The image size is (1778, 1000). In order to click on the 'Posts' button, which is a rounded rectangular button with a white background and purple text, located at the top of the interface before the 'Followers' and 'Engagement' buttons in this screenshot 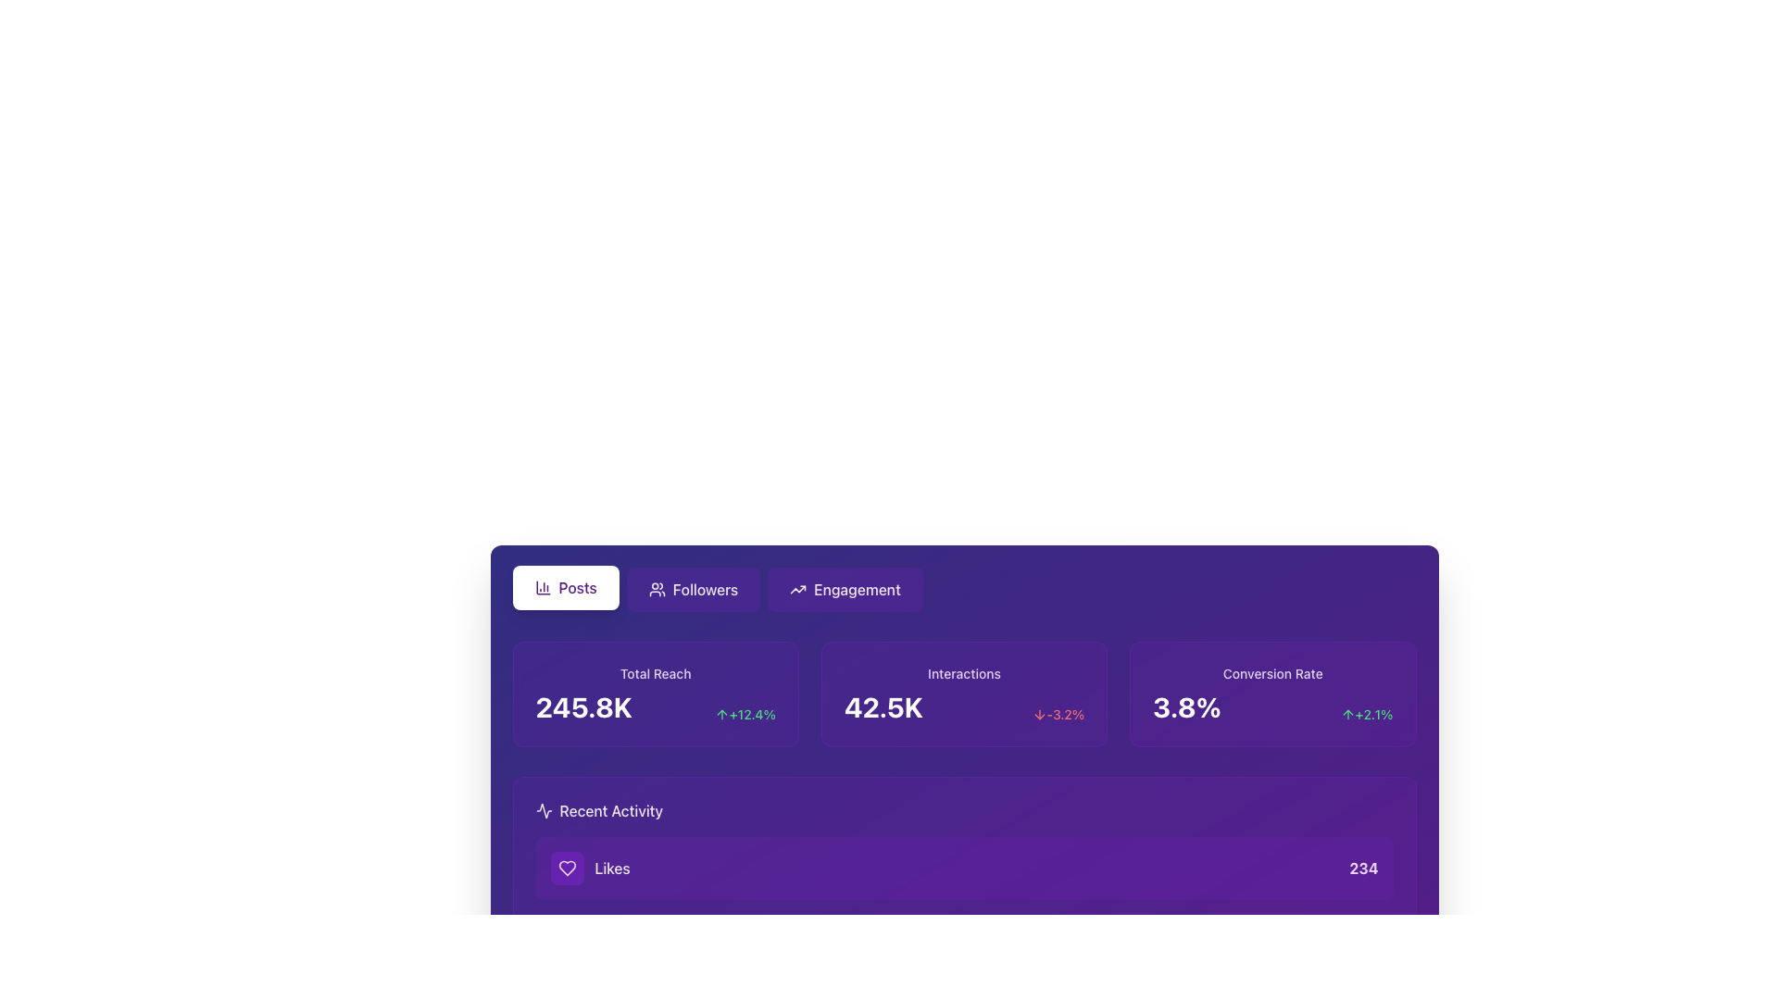, I will do `click(565, 588)`.